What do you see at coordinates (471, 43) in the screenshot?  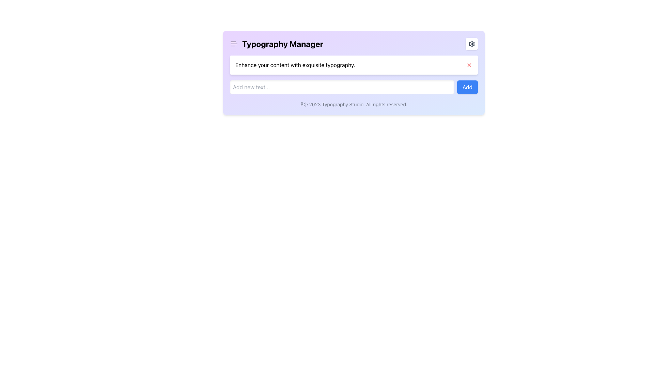 I see `the cogwheel-like icon located at the top-right corner of the interface` at bounding box center [471, 43].